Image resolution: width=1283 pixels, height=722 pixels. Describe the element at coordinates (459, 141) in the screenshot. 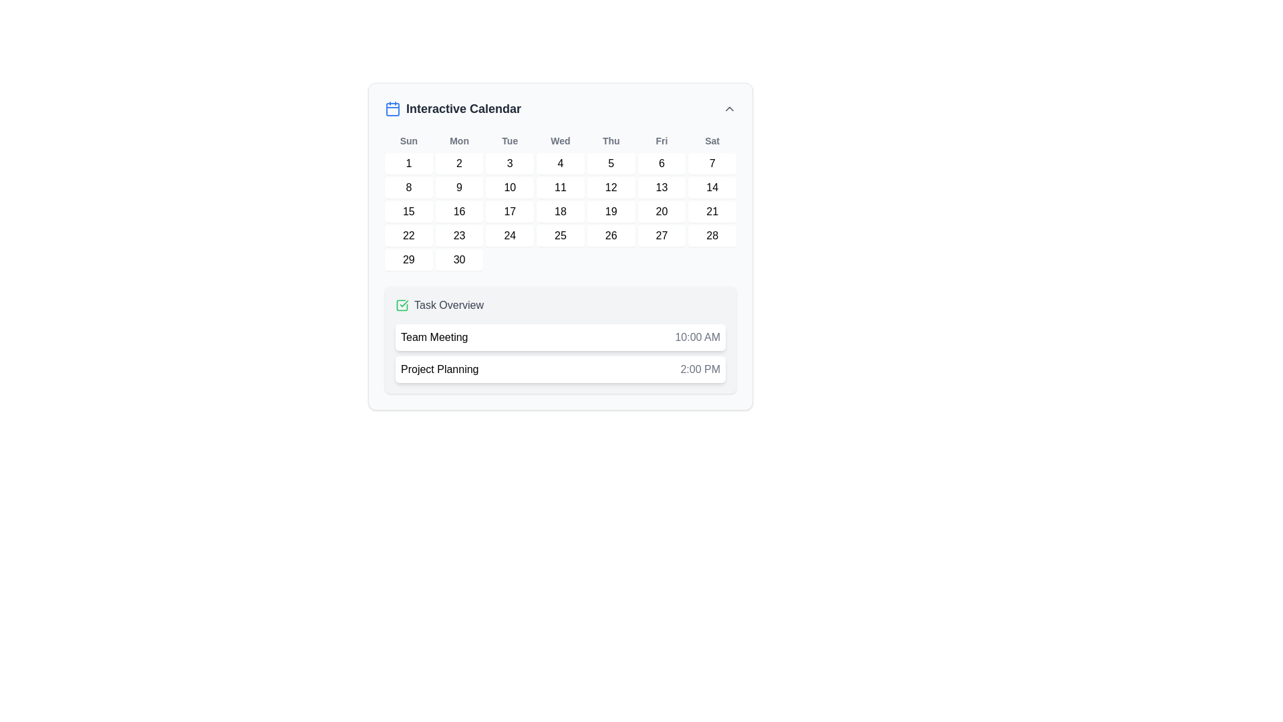

I see `the label for Monday in the calendar, which is the second in a sequence of seven text elements representing days of the week` at that location.